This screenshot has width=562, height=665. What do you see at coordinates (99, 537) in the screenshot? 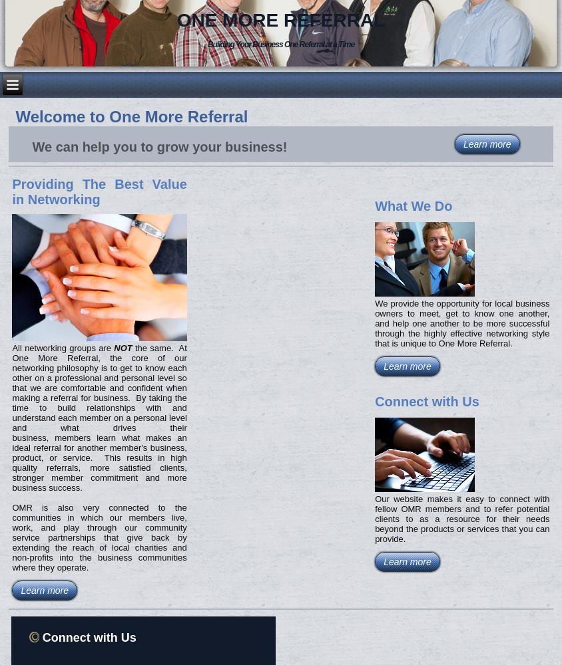
I see `'OMR is also very connected to the communities in which our members live, work, and play through our community service partnerships that give back by extending the reach of local charities and non-profits into the business communities where they operate.'` at bounding box center [99, 537].